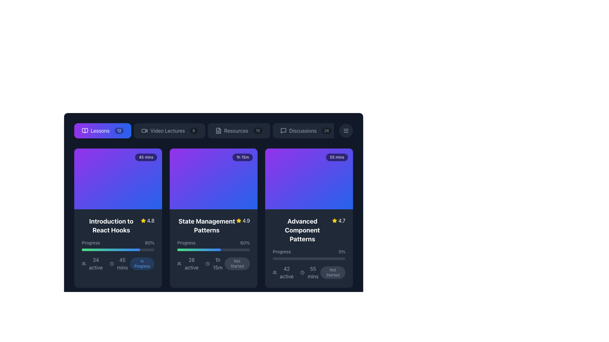 Image resolution: width=609 pixels, height=342 pixels. Describe the element at coordinates (326, 130) in the screenshot. I see `the badge indicating the count of discussion items, which is located at the far right of the 'Discussions' button next to the text label 'Discussions'` at that location.